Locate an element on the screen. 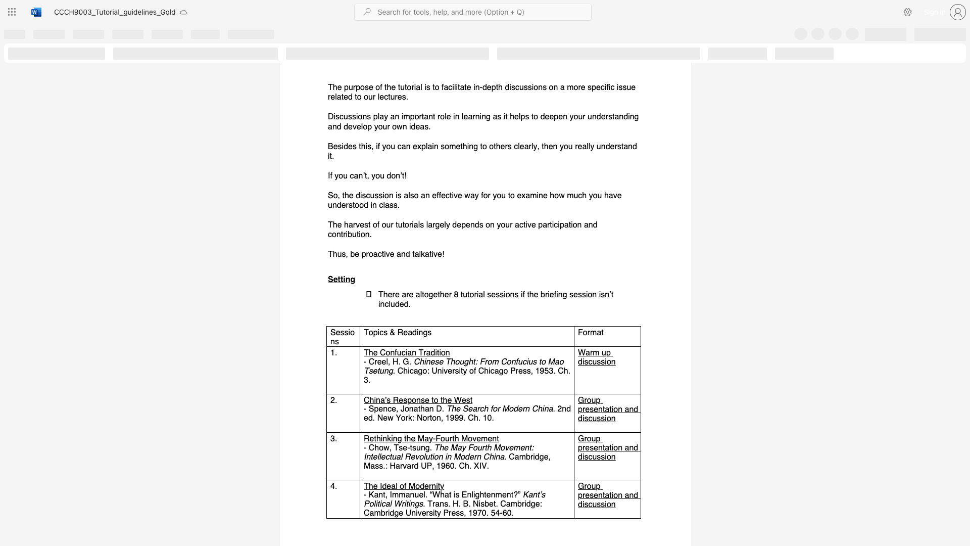 The width and height of the screenshot is (970, 546). the 1th character "c" in the text is located at coordinates (590, 361).